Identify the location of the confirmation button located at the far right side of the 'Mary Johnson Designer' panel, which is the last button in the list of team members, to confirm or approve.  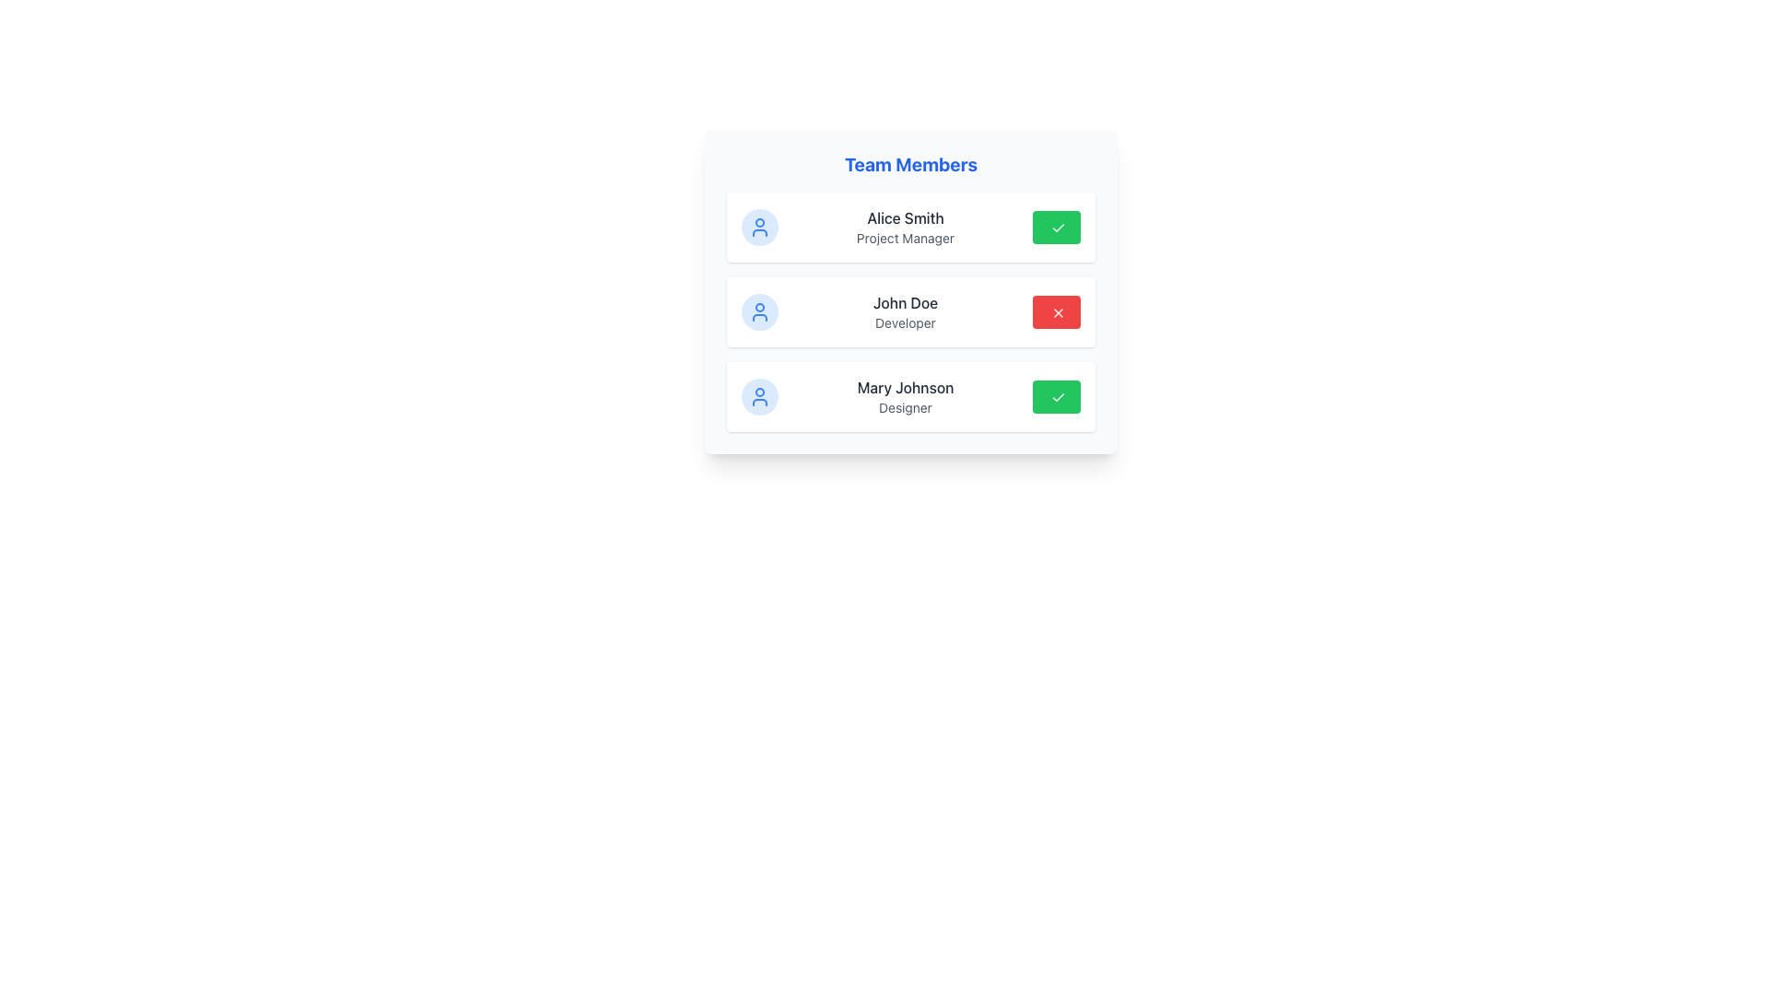
(1057, 396).